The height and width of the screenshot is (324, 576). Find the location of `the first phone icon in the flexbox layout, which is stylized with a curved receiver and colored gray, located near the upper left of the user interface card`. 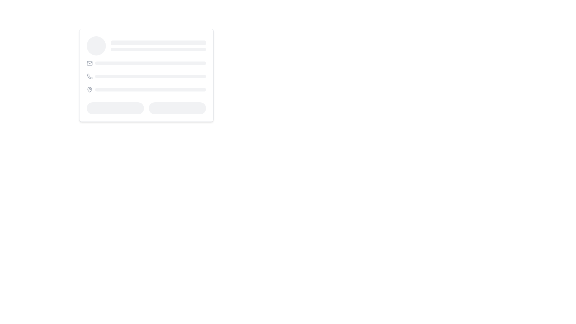

the first phone icon in the flexbox layout, which is stylized with a curved receiver and colored gray, located near the upper left of the user interface card is located at coordinates (89, 76).